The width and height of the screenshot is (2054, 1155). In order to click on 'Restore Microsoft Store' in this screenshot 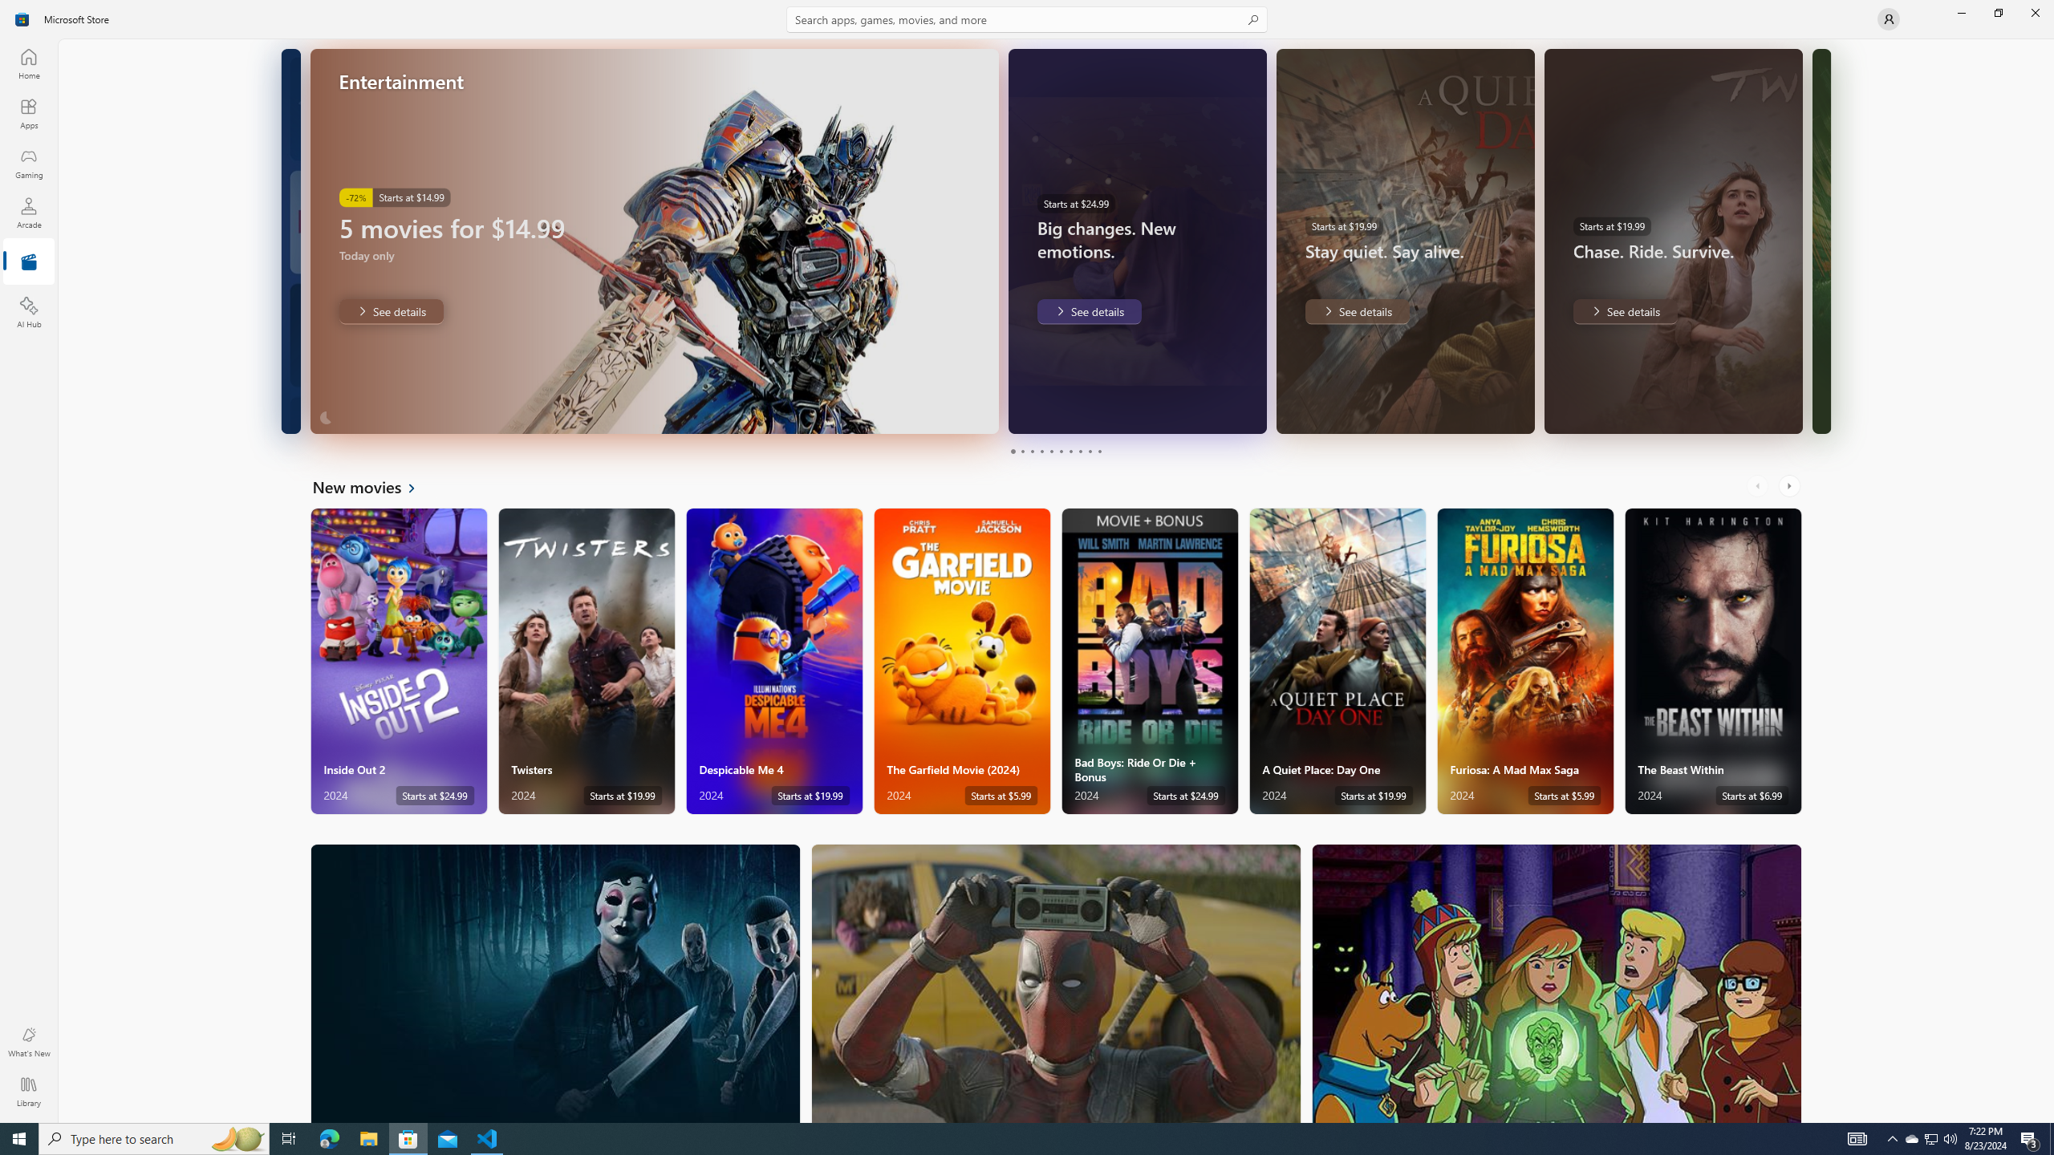, I will do `click(1998, 12)`.